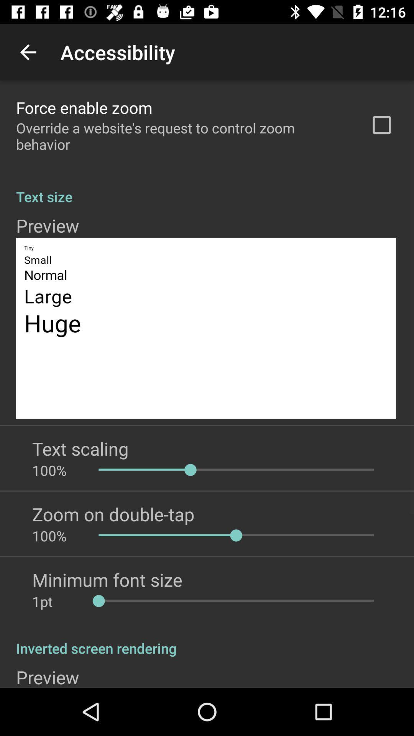 Image resolution: width=414 pixels, height=736 pixels. I want to click on the icon above 100% icon, so click(113, 514).